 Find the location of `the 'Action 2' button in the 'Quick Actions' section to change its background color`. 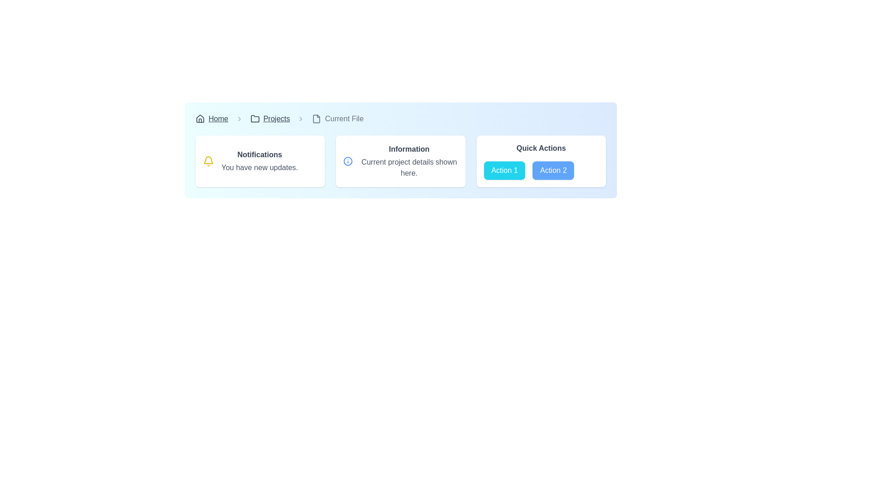

the 'Action 2' button in the 'Quick Actions' section to change its background color is located at coordinates (553, 171).